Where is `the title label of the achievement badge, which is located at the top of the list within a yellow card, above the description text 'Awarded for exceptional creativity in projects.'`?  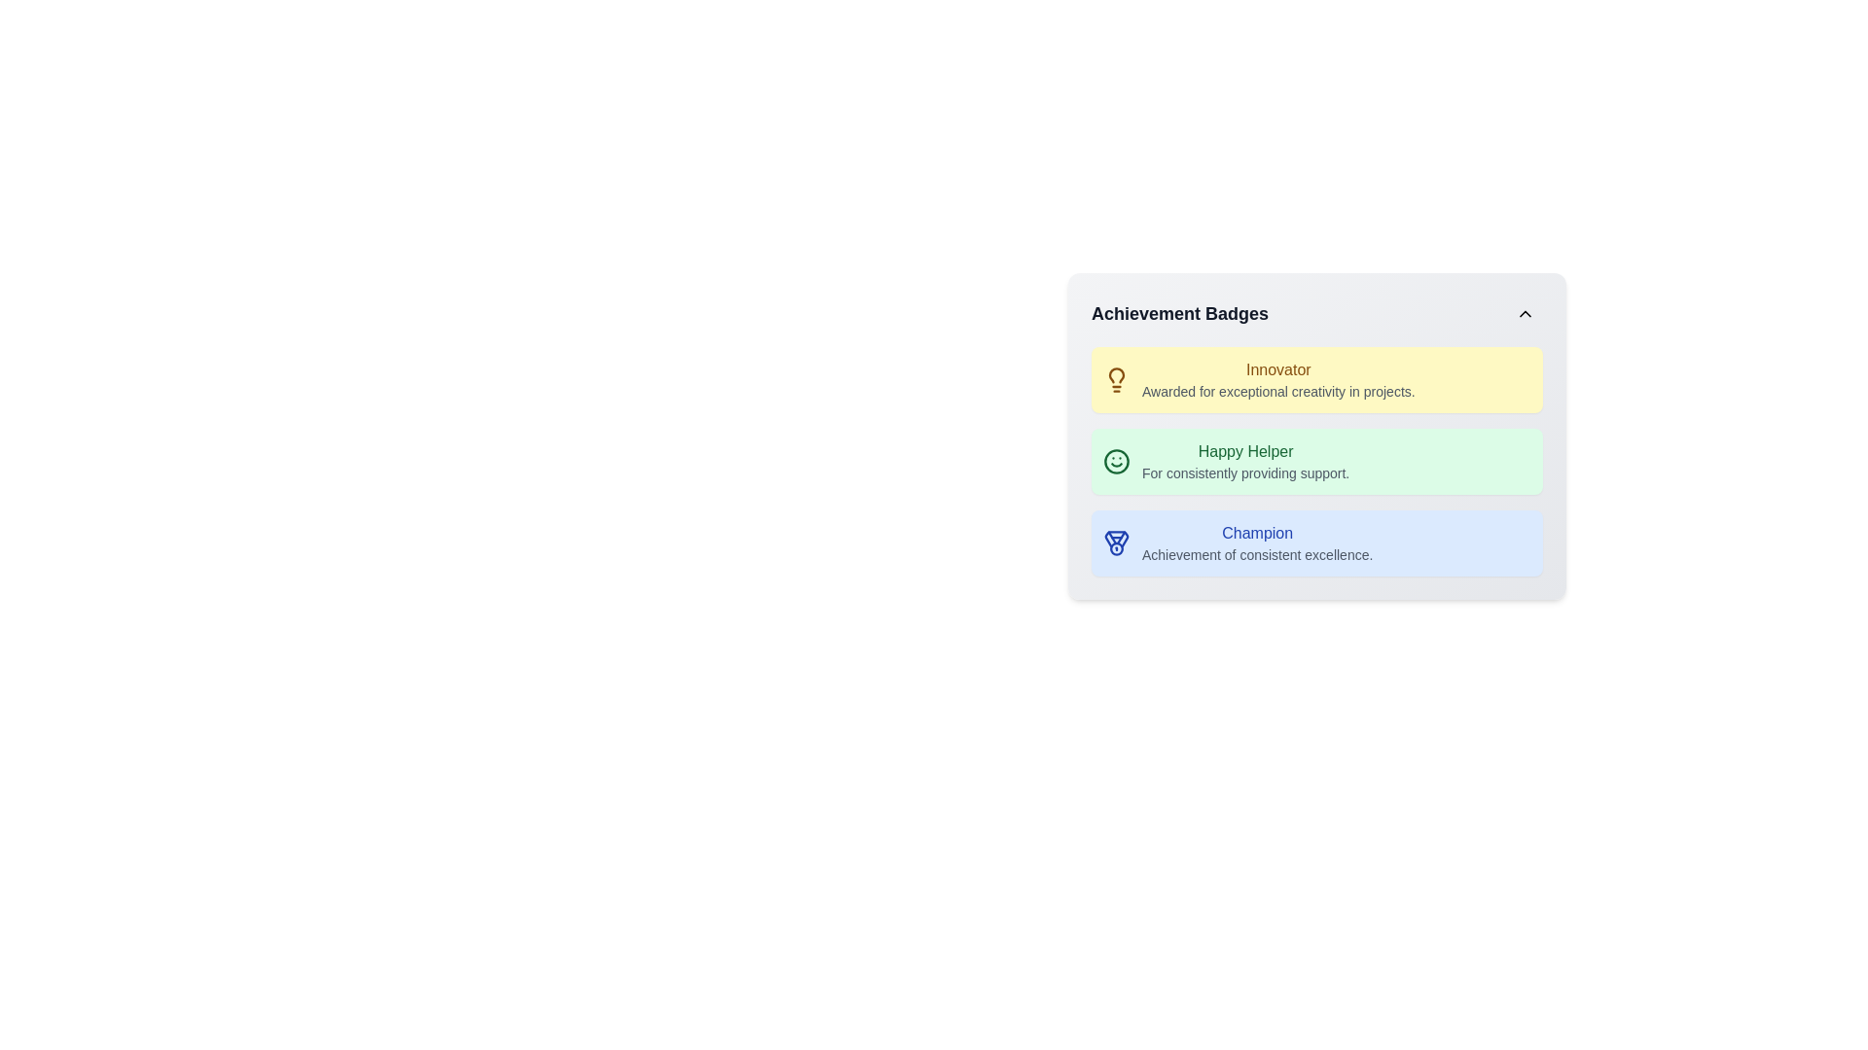
the title label of the achievement badge, which is located at the top of the list within a yellow card, above the description text 'Awarded for exceptional creativity in projects.' is located at coordinates (1278, 370).